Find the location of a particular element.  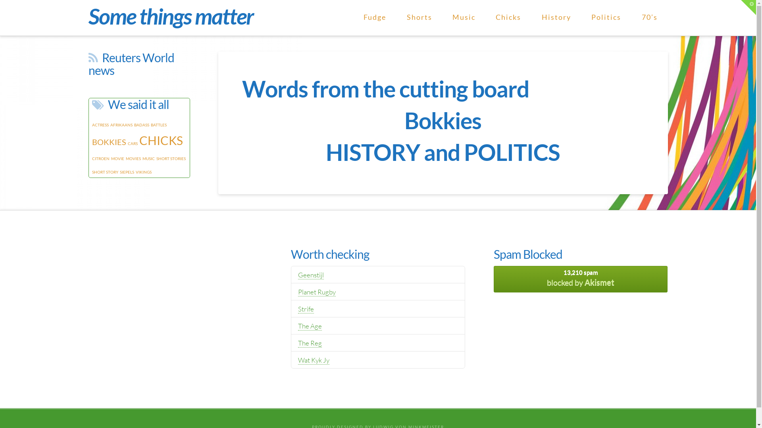

'Toggle the Widgetbar' is located at coordinates (748, 8).